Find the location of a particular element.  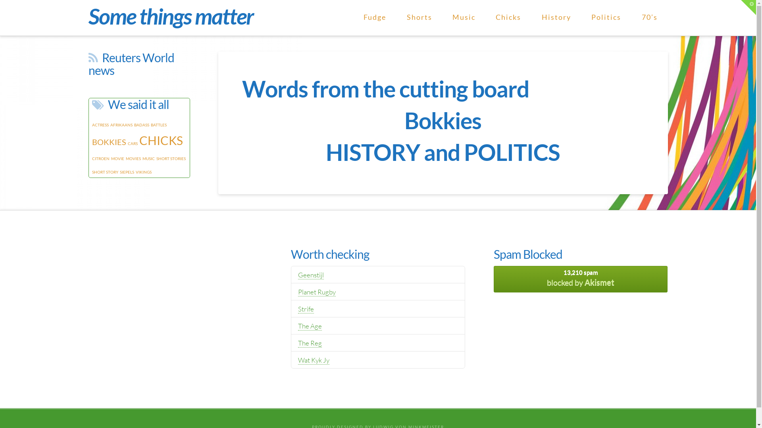

'Toggle the Widgetbar' is located at coordinates (748, 8).